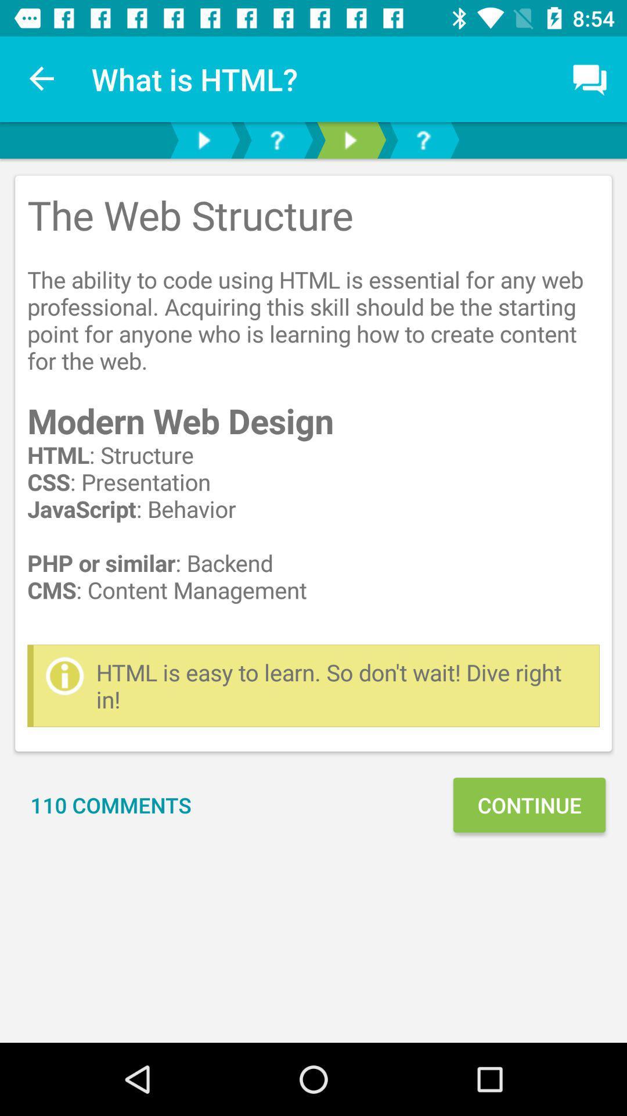 The image size is (627, 1116). I want to click on the item next to continue item, so click(111, 804).